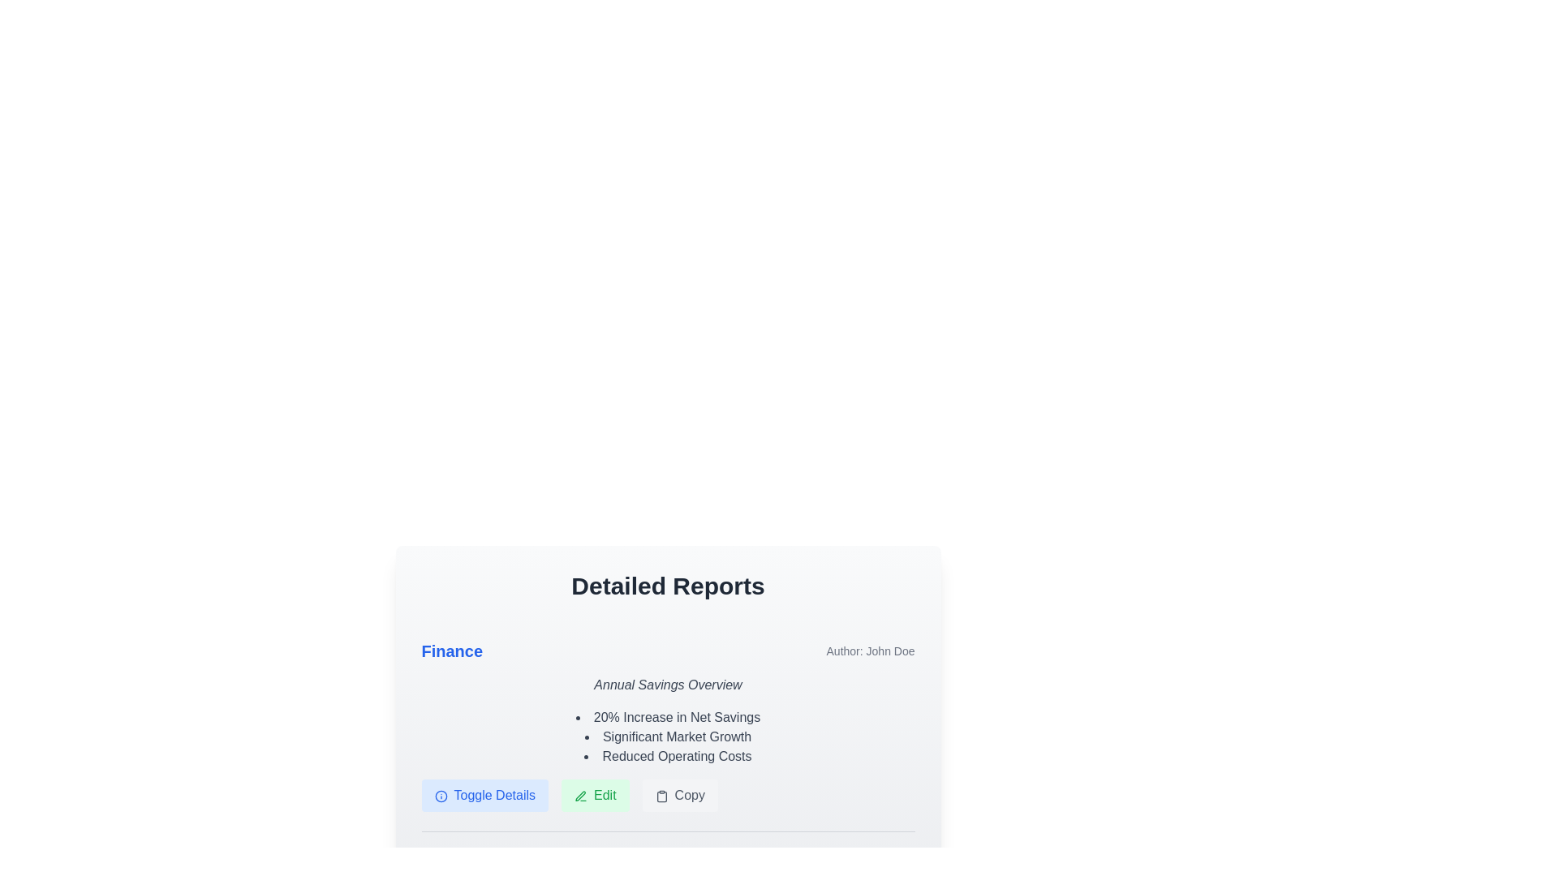 This screenshot has height=876, width=1558. Describe the element at coordinates (680, 794) in the screenshot. I see `the 'Copy' button, which is a rectangular button with rounded corners, light gray background, and a dark gray label, located at the bottom center of the 'Detailed Reports' section` at that location.